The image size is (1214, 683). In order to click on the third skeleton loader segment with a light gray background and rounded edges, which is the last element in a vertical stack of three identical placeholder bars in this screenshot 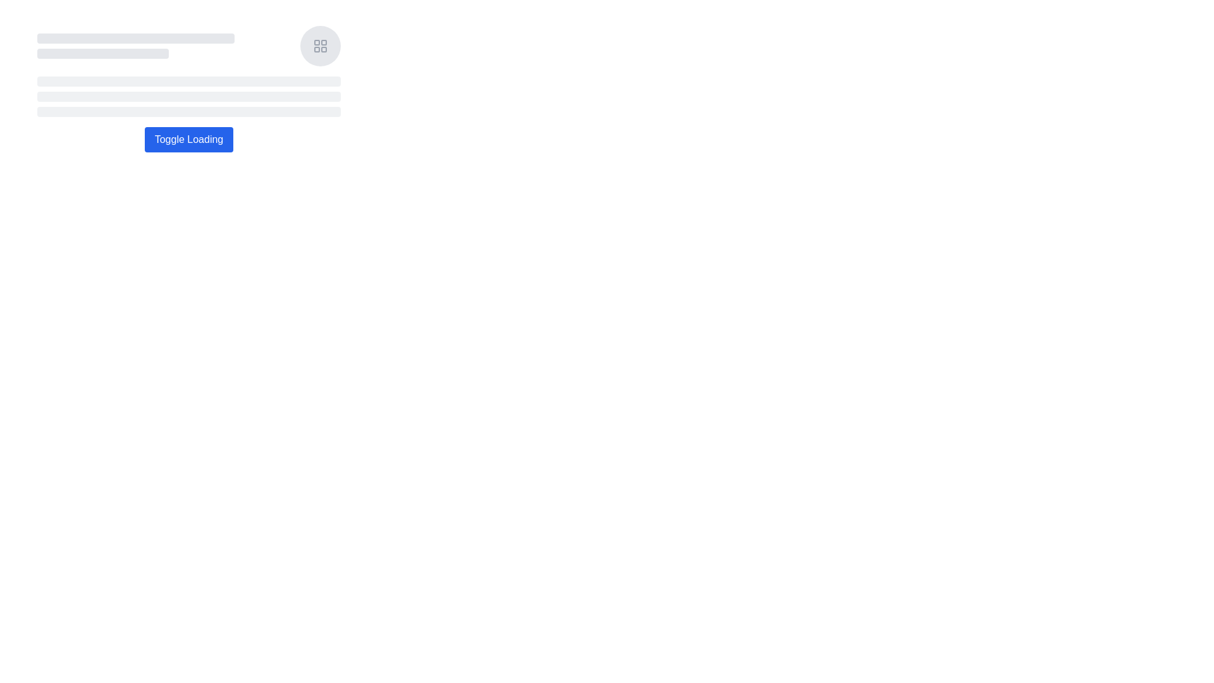, I will do `click(188, 111)`.